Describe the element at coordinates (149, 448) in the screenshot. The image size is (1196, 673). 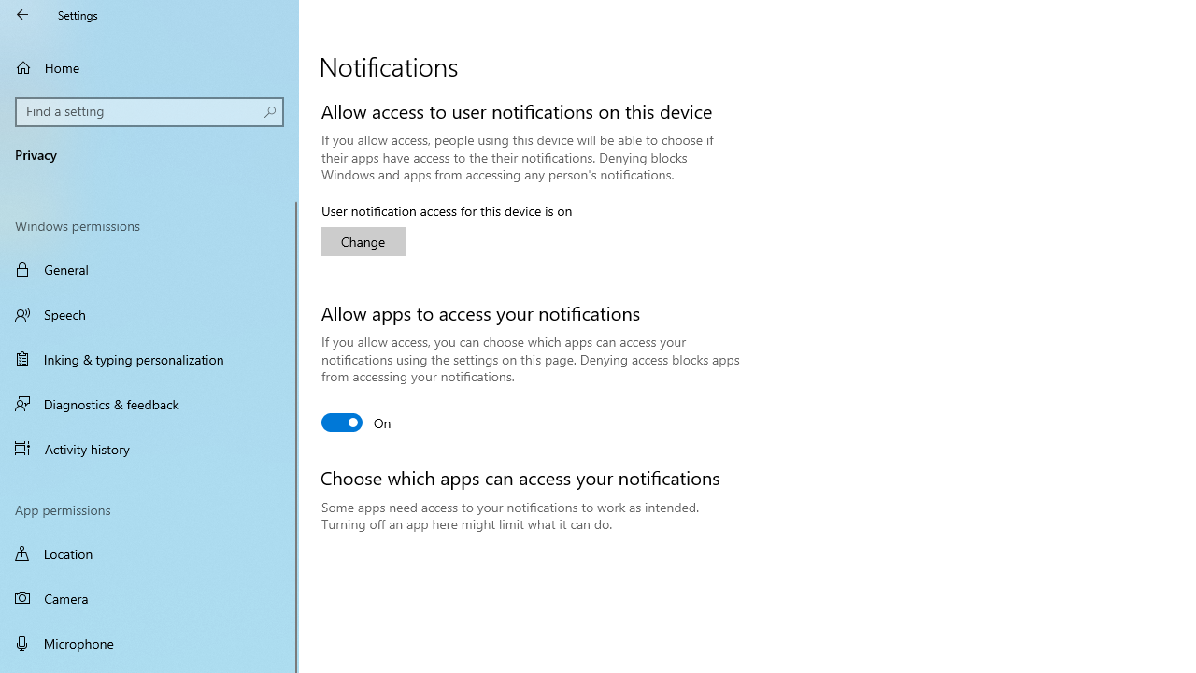
I see `'Activity history'` at that location.